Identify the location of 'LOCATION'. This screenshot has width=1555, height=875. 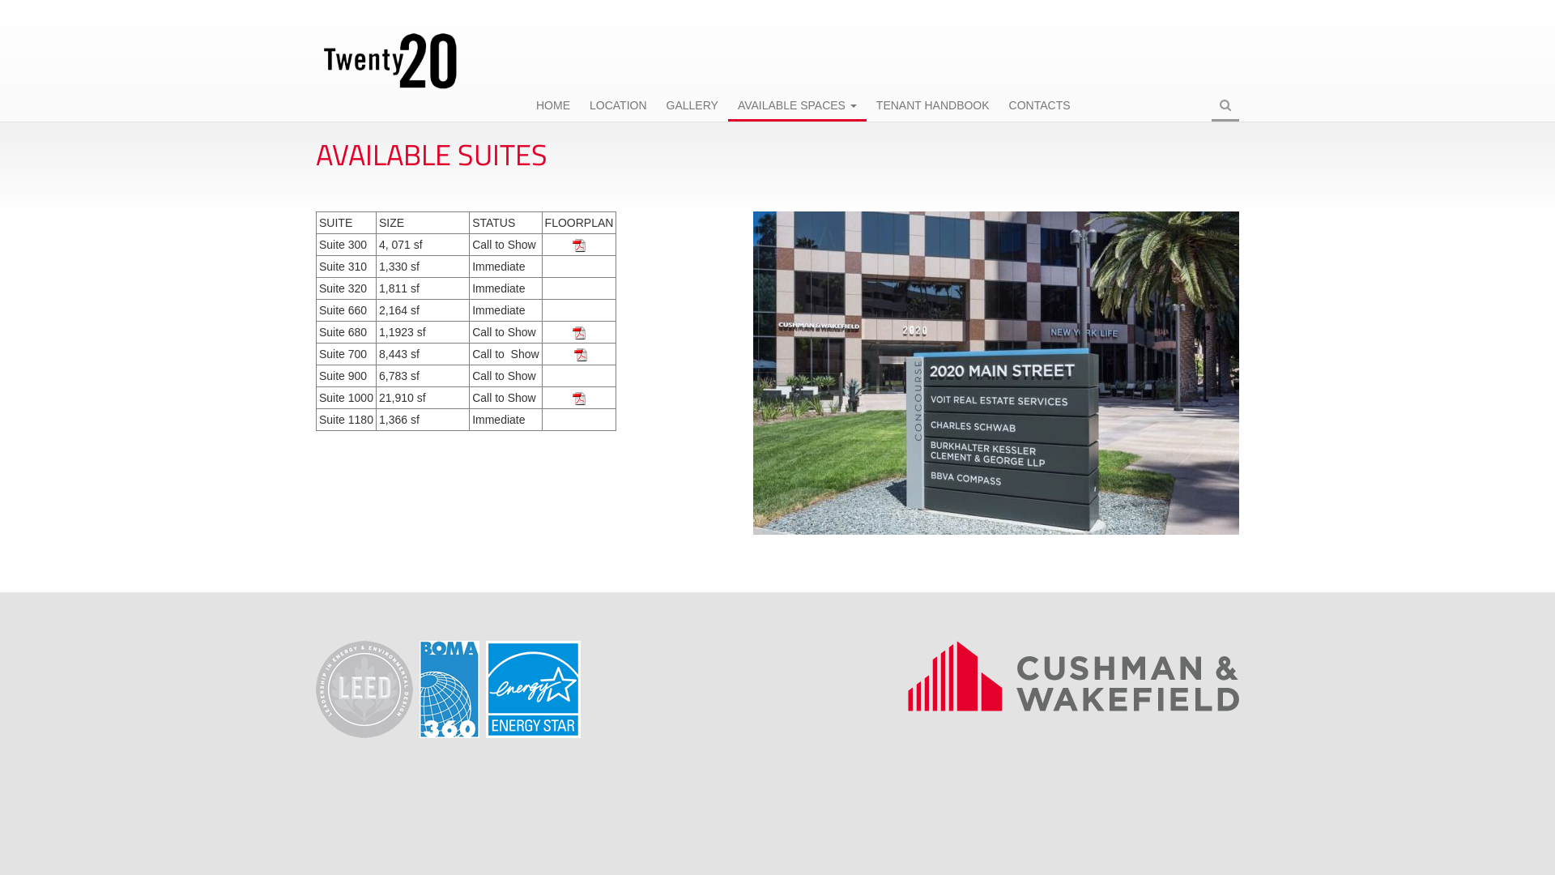
(617, 106).